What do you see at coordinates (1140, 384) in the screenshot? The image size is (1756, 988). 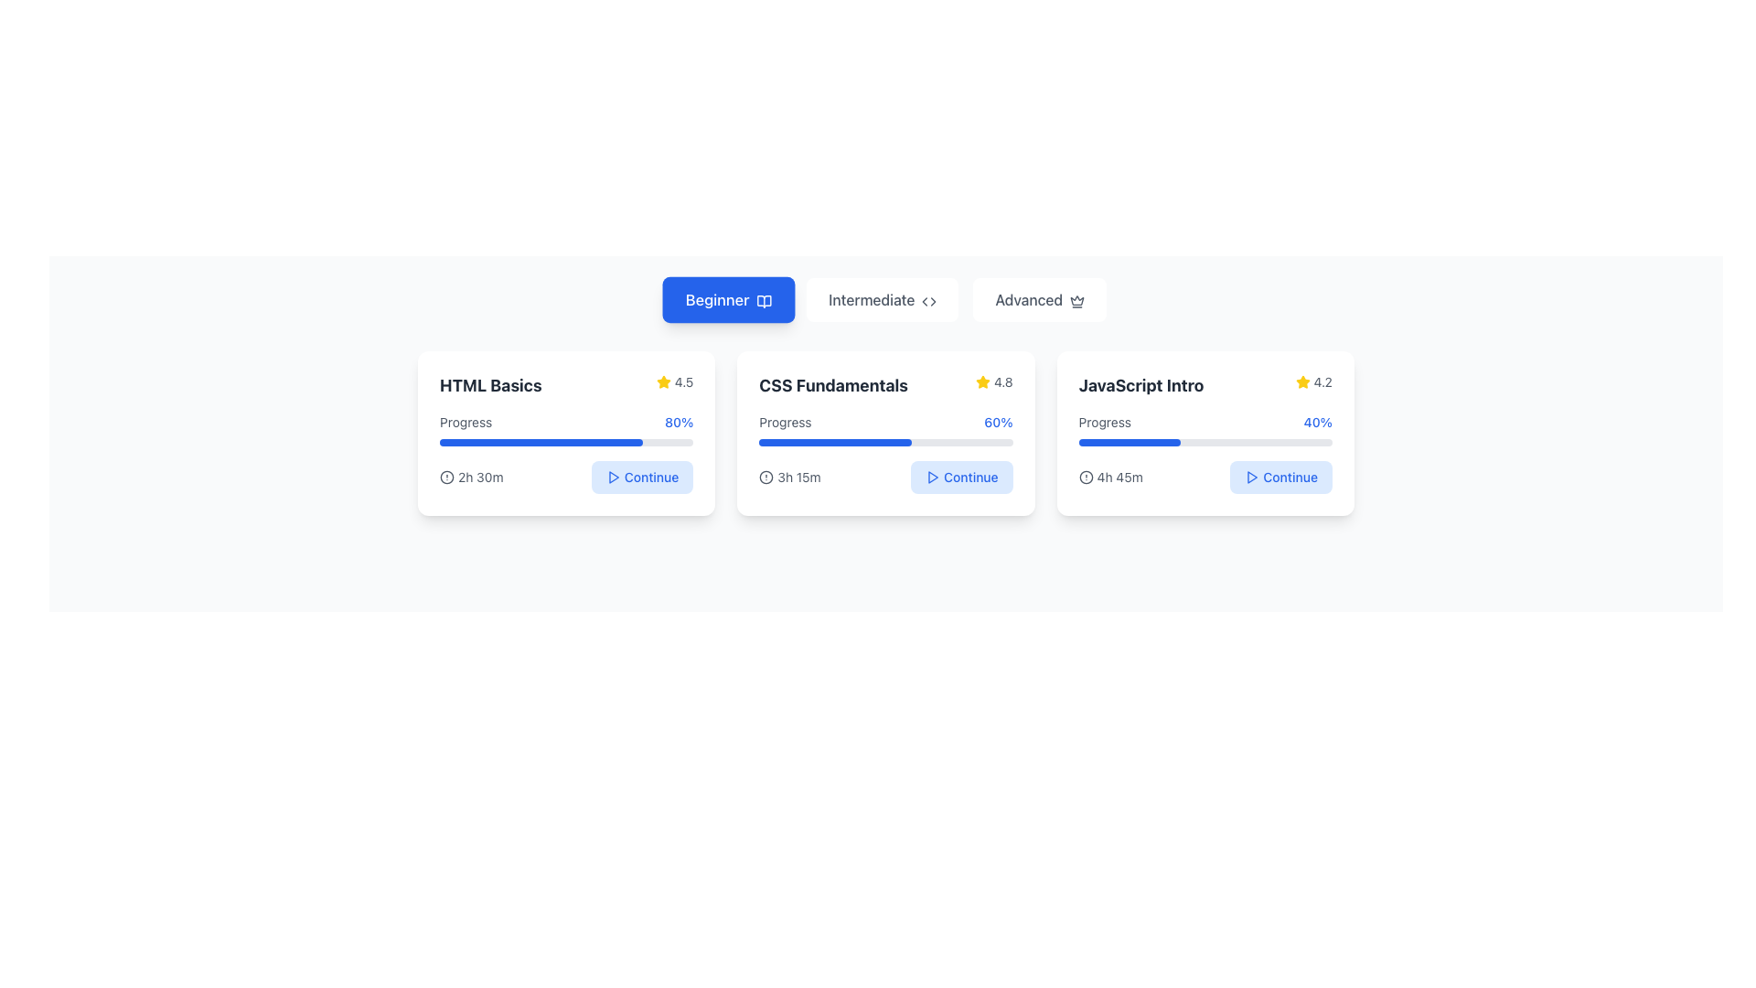 I see `on the 'JavaScript Intro' text element displayed in bold, large font within the third card under the 'Beginner' tab` at bounding box center [1140, 384].